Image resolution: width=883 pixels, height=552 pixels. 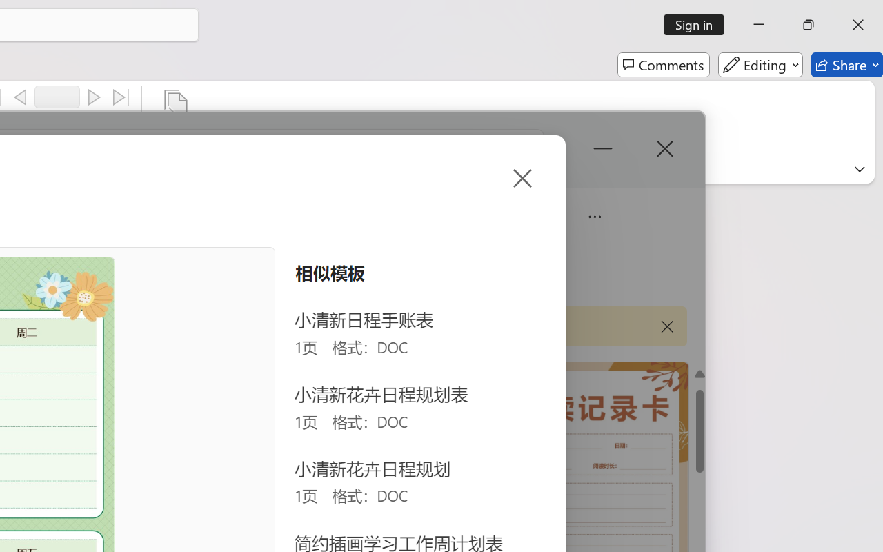 I want to click on 'Next', so click(x=93, y=97).